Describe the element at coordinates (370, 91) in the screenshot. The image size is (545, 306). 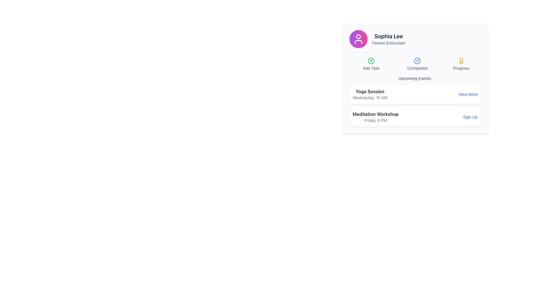
I see `the static text element displaying 'Yoga Session' in a bold gray-black font, located within the 'Upcoming Events' card` at that location.